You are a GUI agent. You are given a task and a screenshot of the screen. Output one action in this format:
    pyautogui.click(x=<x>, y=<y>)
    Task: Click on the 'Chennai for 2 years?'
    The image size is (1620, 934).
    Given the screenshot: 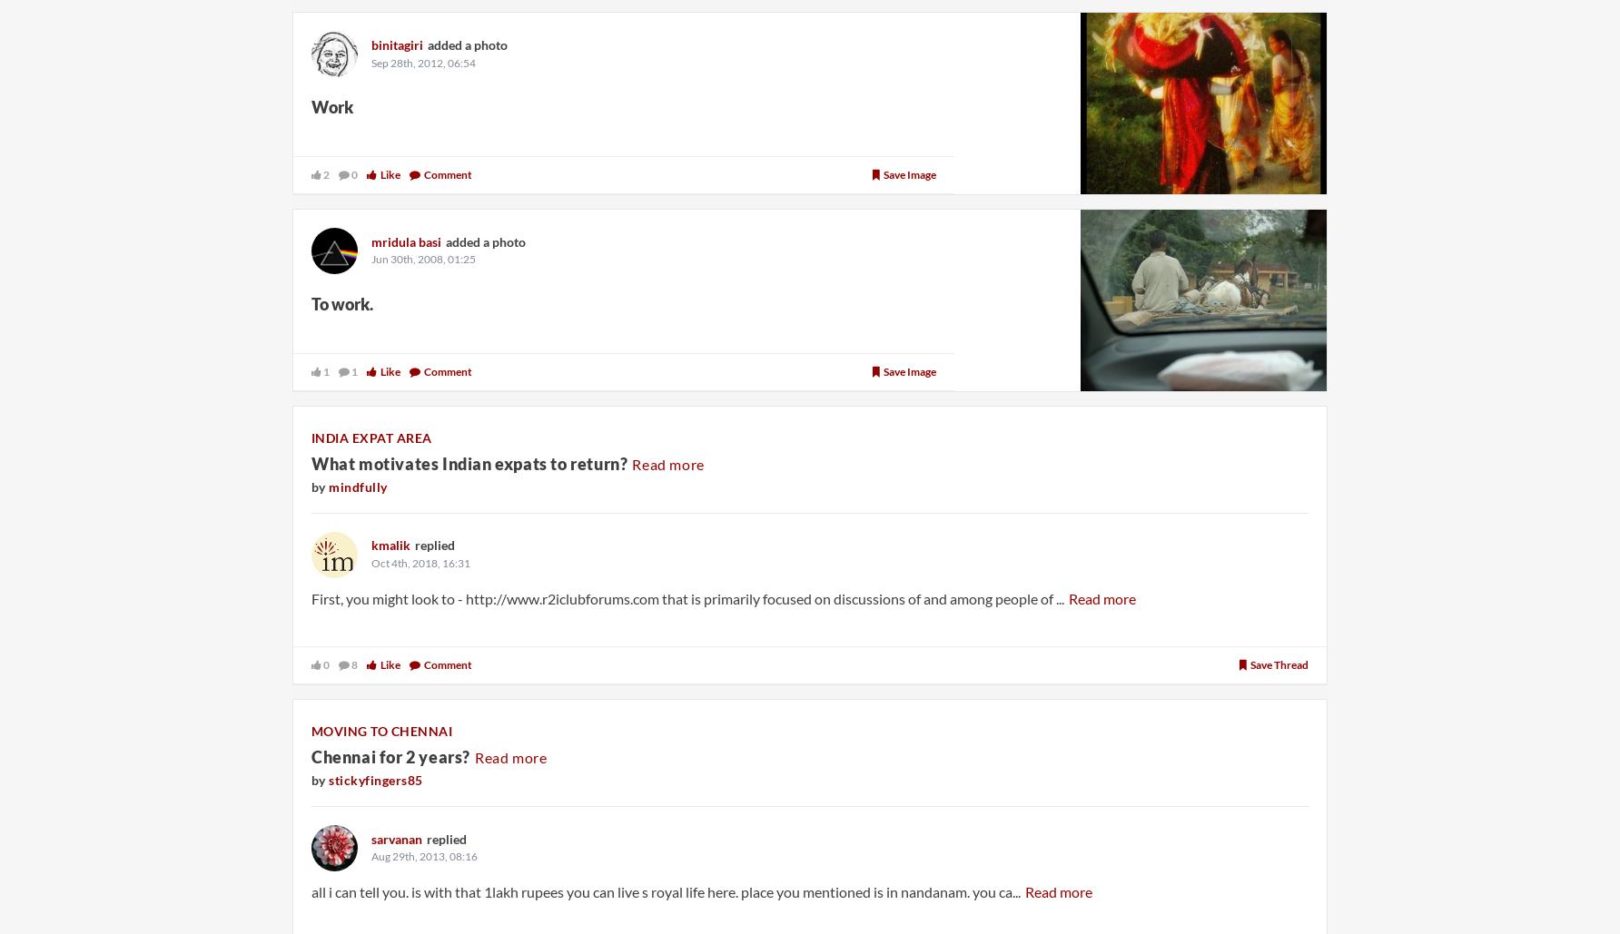 What is the action you would take?
    pyautogui.click(x=390, y=754)
    